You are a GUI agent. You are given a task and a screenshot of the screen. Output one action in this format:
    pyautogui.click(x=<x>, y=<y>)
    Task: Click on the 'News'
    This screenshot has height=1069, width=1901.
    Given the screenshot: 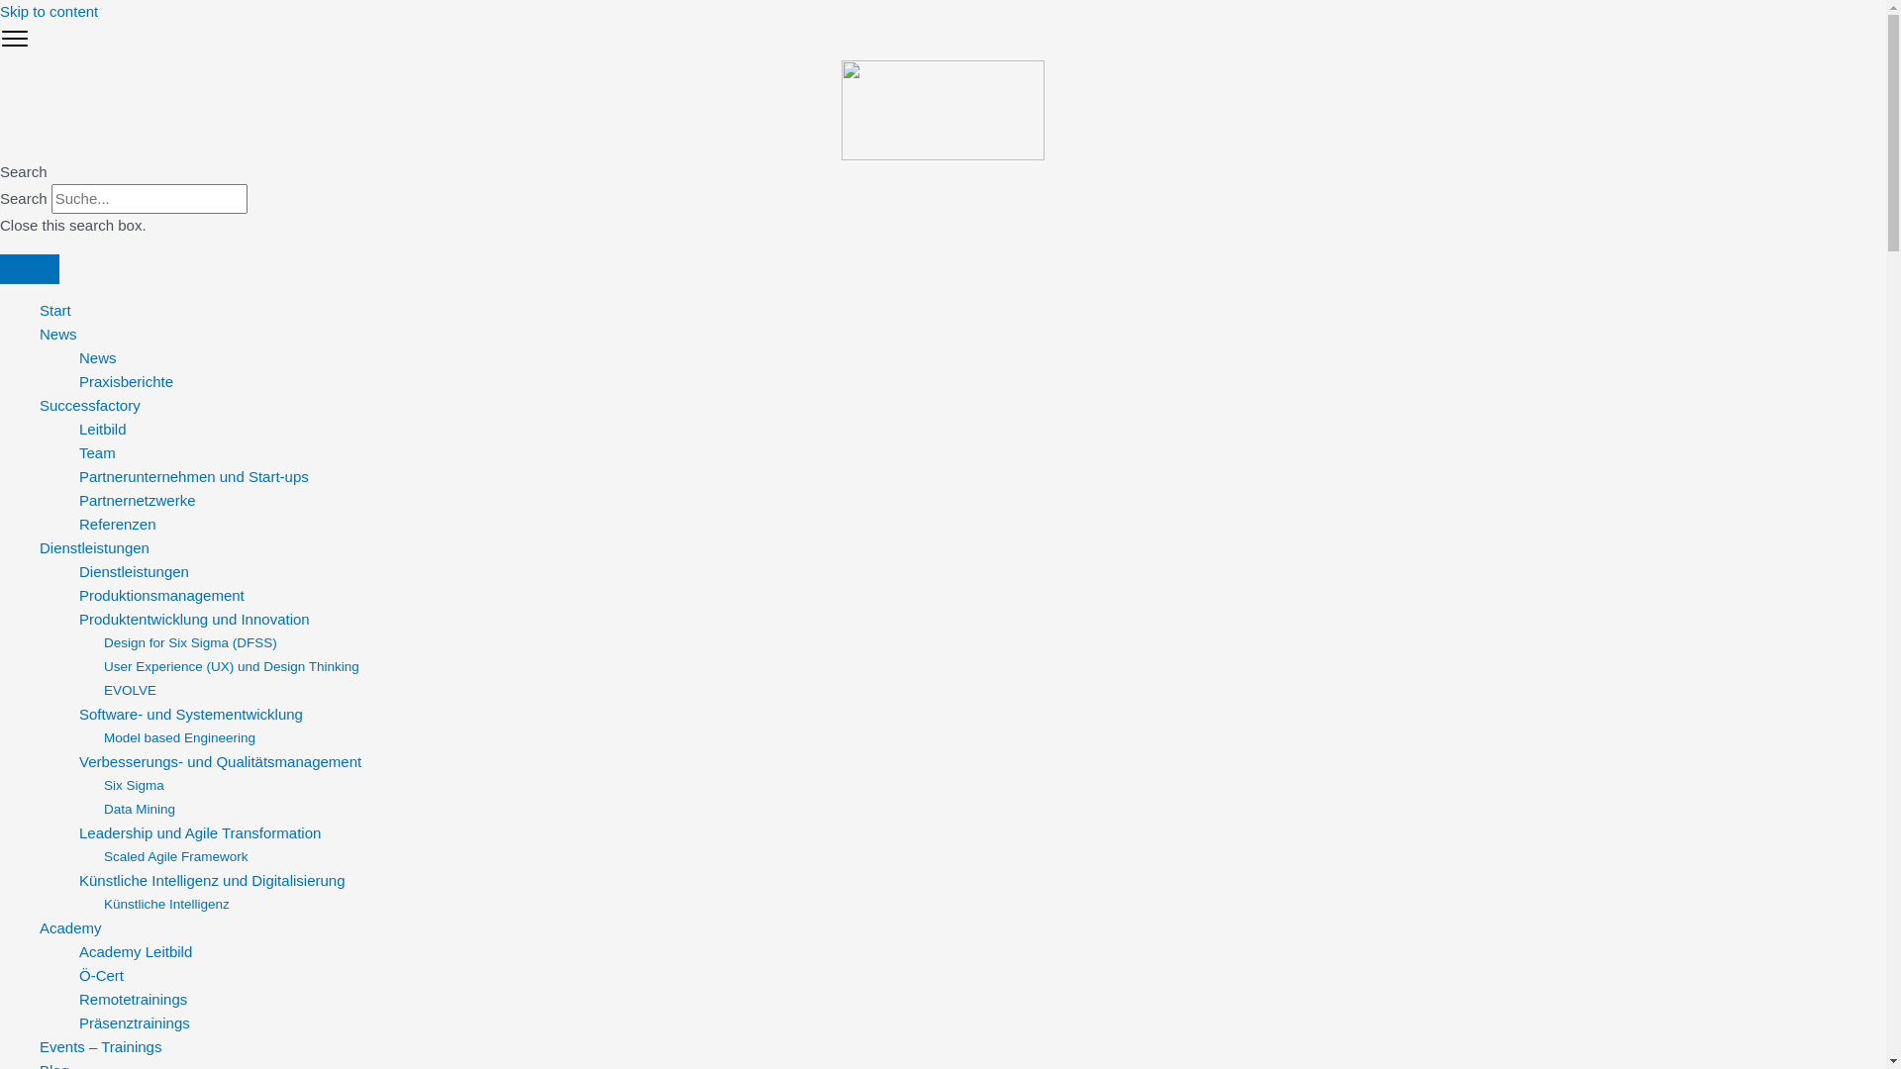 What is the action you would take?
    pyautogui.click(x=57, y=333)
    